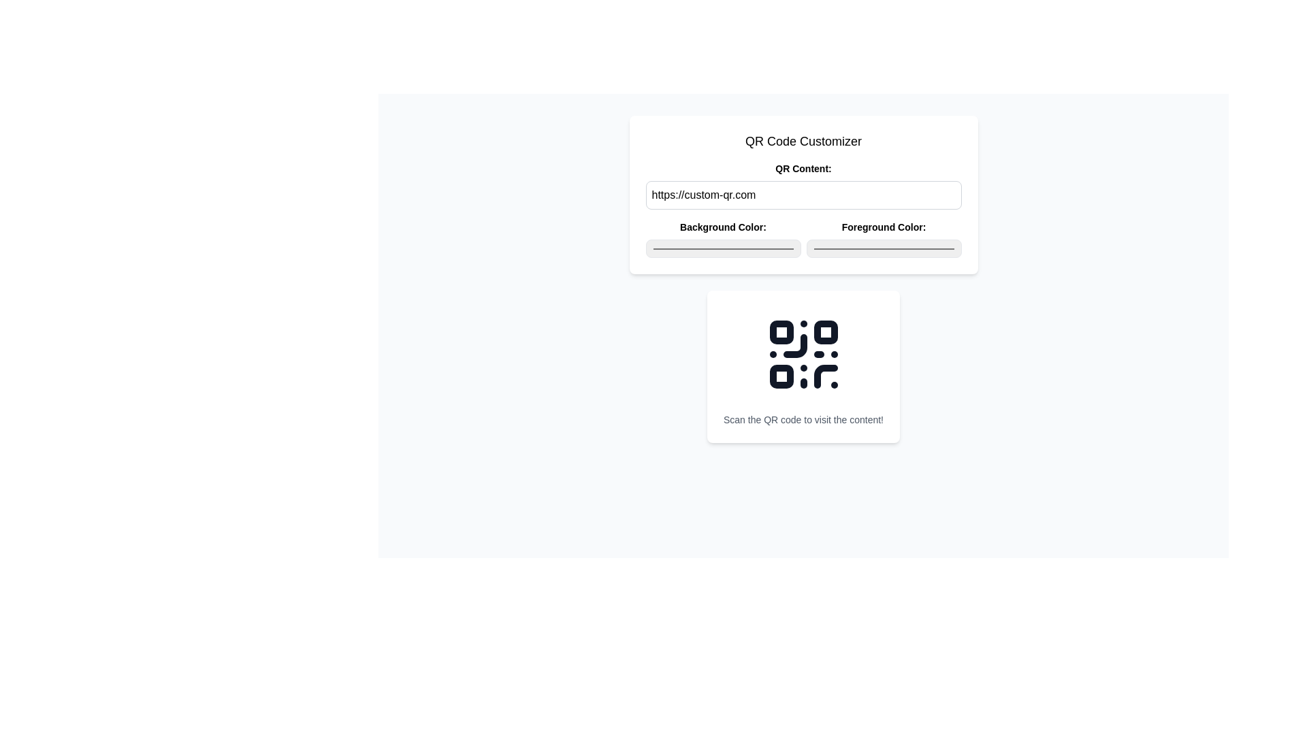 This screenshot has height=735, width=1307. I want to click on the foreground color value by sliding, so click(865, 248).